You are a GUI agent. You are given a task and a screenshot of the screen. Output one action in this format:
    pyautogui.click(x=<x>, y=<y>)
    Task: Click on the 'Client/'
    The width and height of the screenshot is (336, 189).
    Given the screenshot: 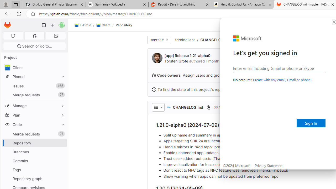 What is the action you would take?
    pyautogui.click(x=106, y=25)
    